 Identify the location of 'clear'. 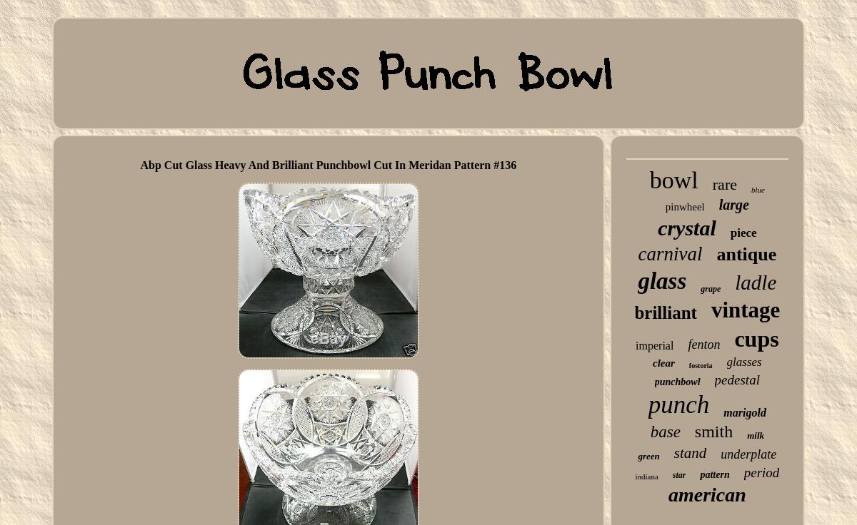
(653, 363).